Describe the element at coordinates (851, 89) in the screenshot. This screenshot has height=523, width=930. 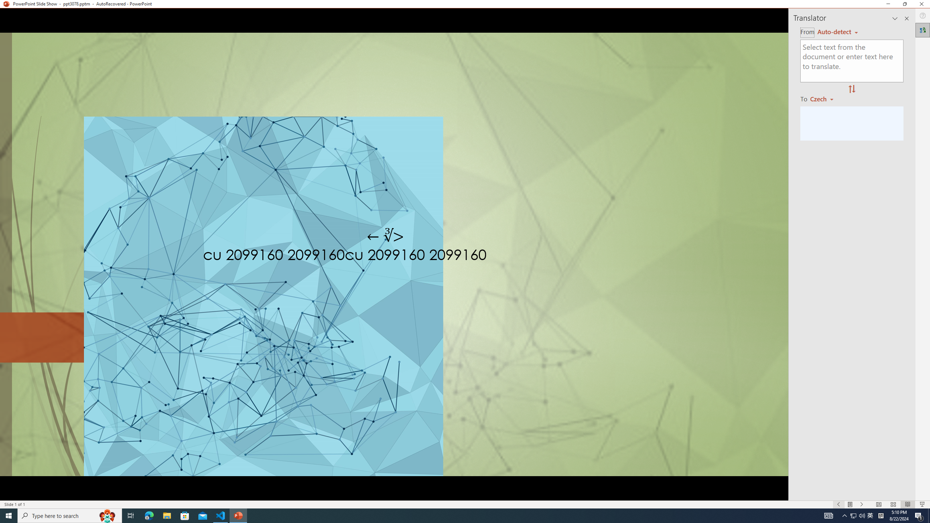
I see `'Swap "from" and "to" languages.'` at that location.